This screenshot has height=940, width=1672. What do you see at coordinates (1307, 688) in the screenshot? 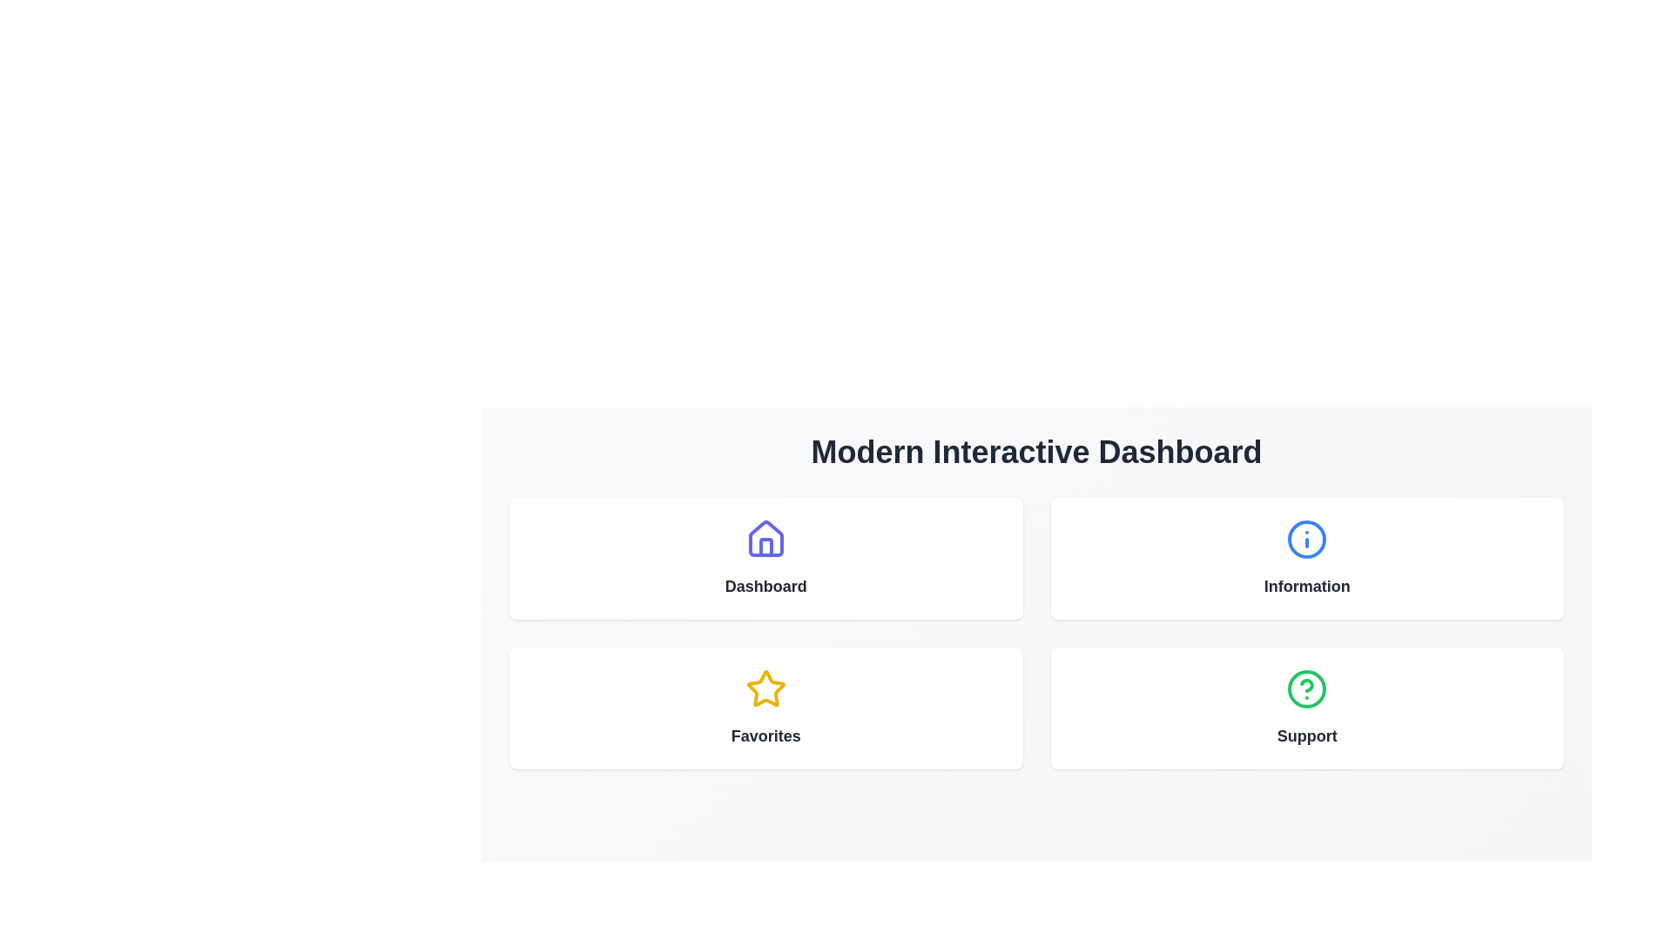
I see `the circular icon representing the 'Support' feature located above the text 'Support' in the bottom-right card of the grid` at bounding box center [1307, 688].